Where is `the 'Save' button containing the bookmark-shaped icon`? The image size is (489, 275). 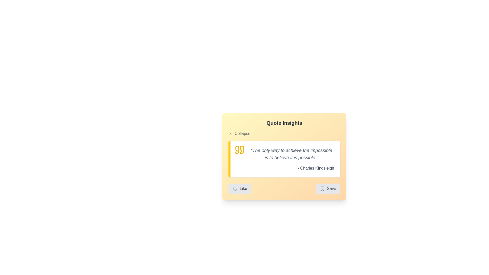
the 'Save' button containing the bookmark-shaped icon is located at coordinates (322, 188).